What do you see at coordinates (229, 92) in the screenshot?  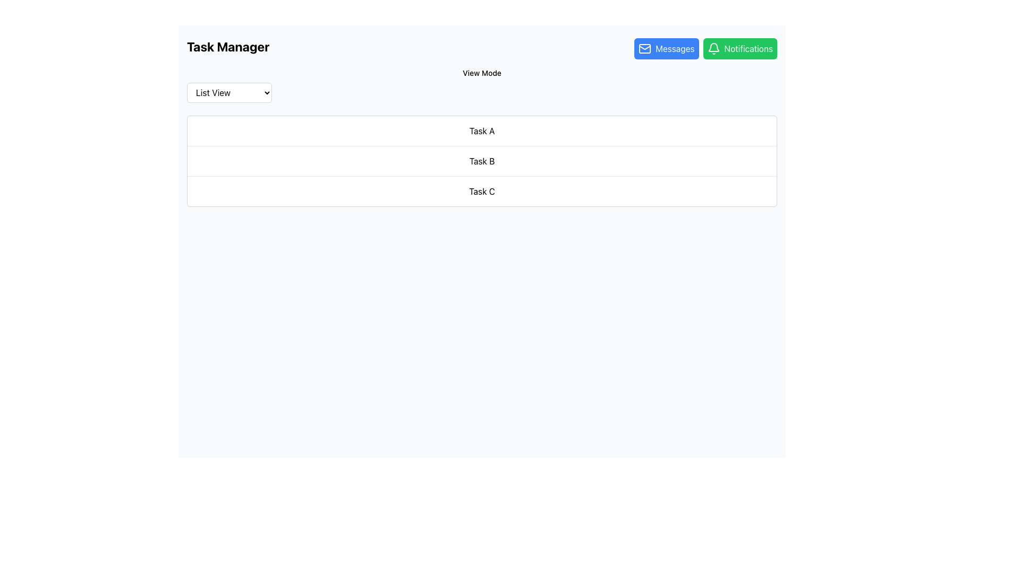 I see `the dropdown menu labeled 'List View'` at bounding box center [229, 92].